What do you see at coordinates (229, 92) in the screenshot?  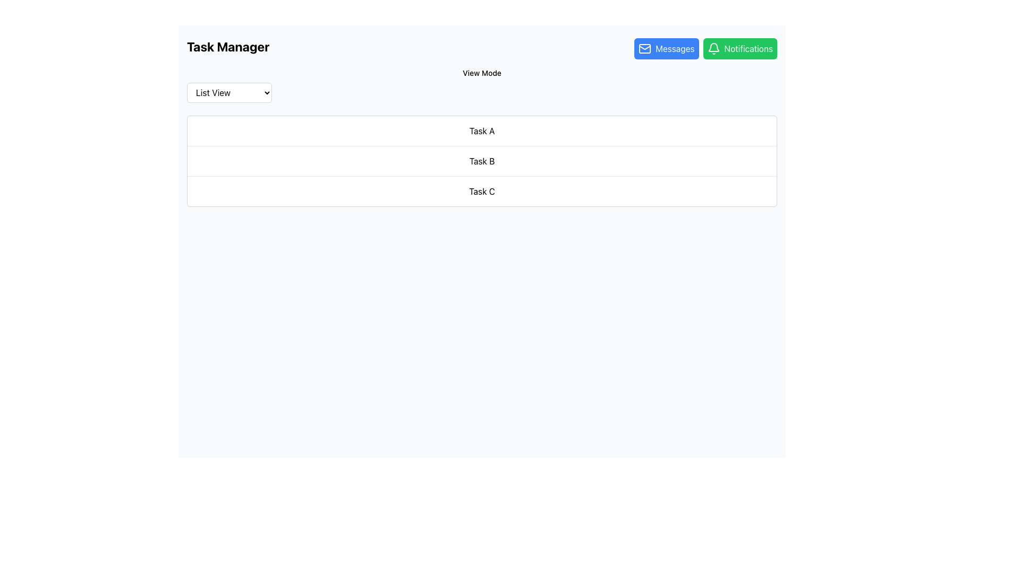 I see `the dropdown menu labeled 'List View'` at bounding box center [229, 92].